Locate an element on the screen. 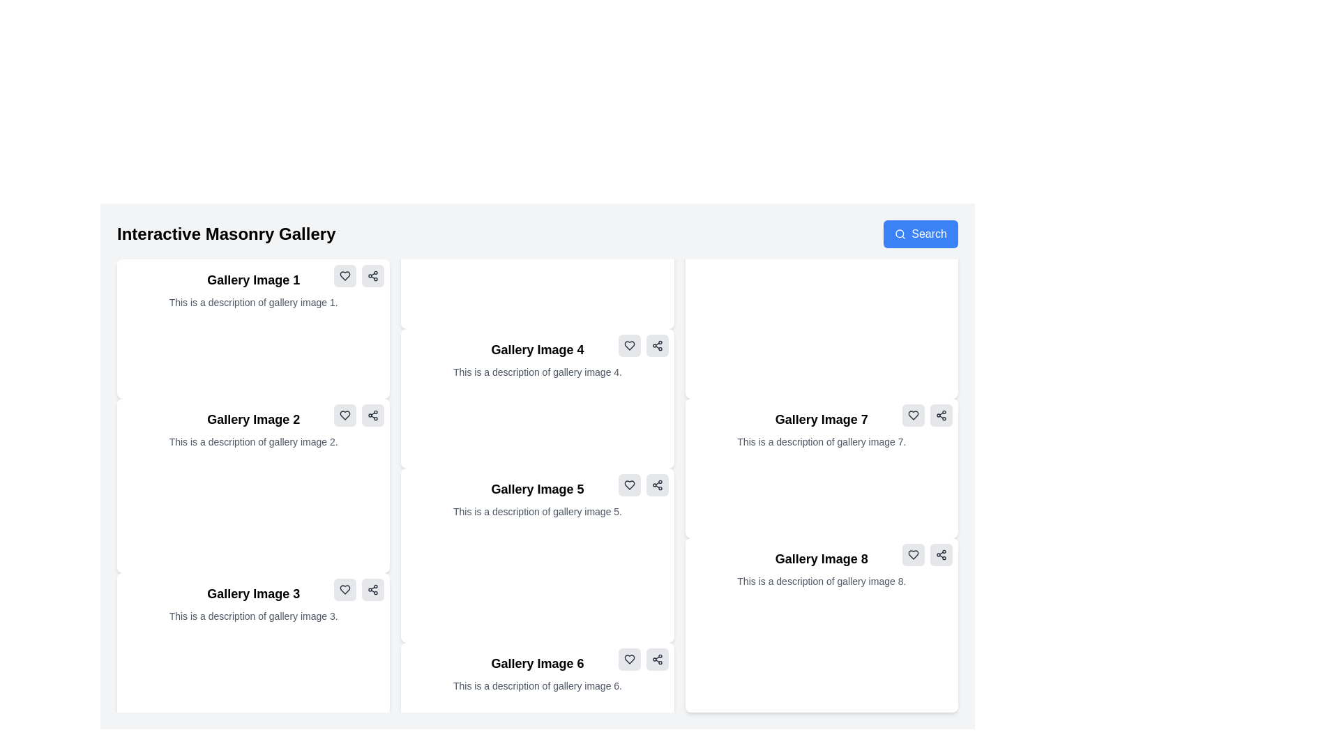 This screenshot has height=753, width=1339. the share icon, which is a minimalistic design of three circles connected by two lines, located on the right-hand side of the 'Gallery Image 8' section is located at coordinates (941, 554).